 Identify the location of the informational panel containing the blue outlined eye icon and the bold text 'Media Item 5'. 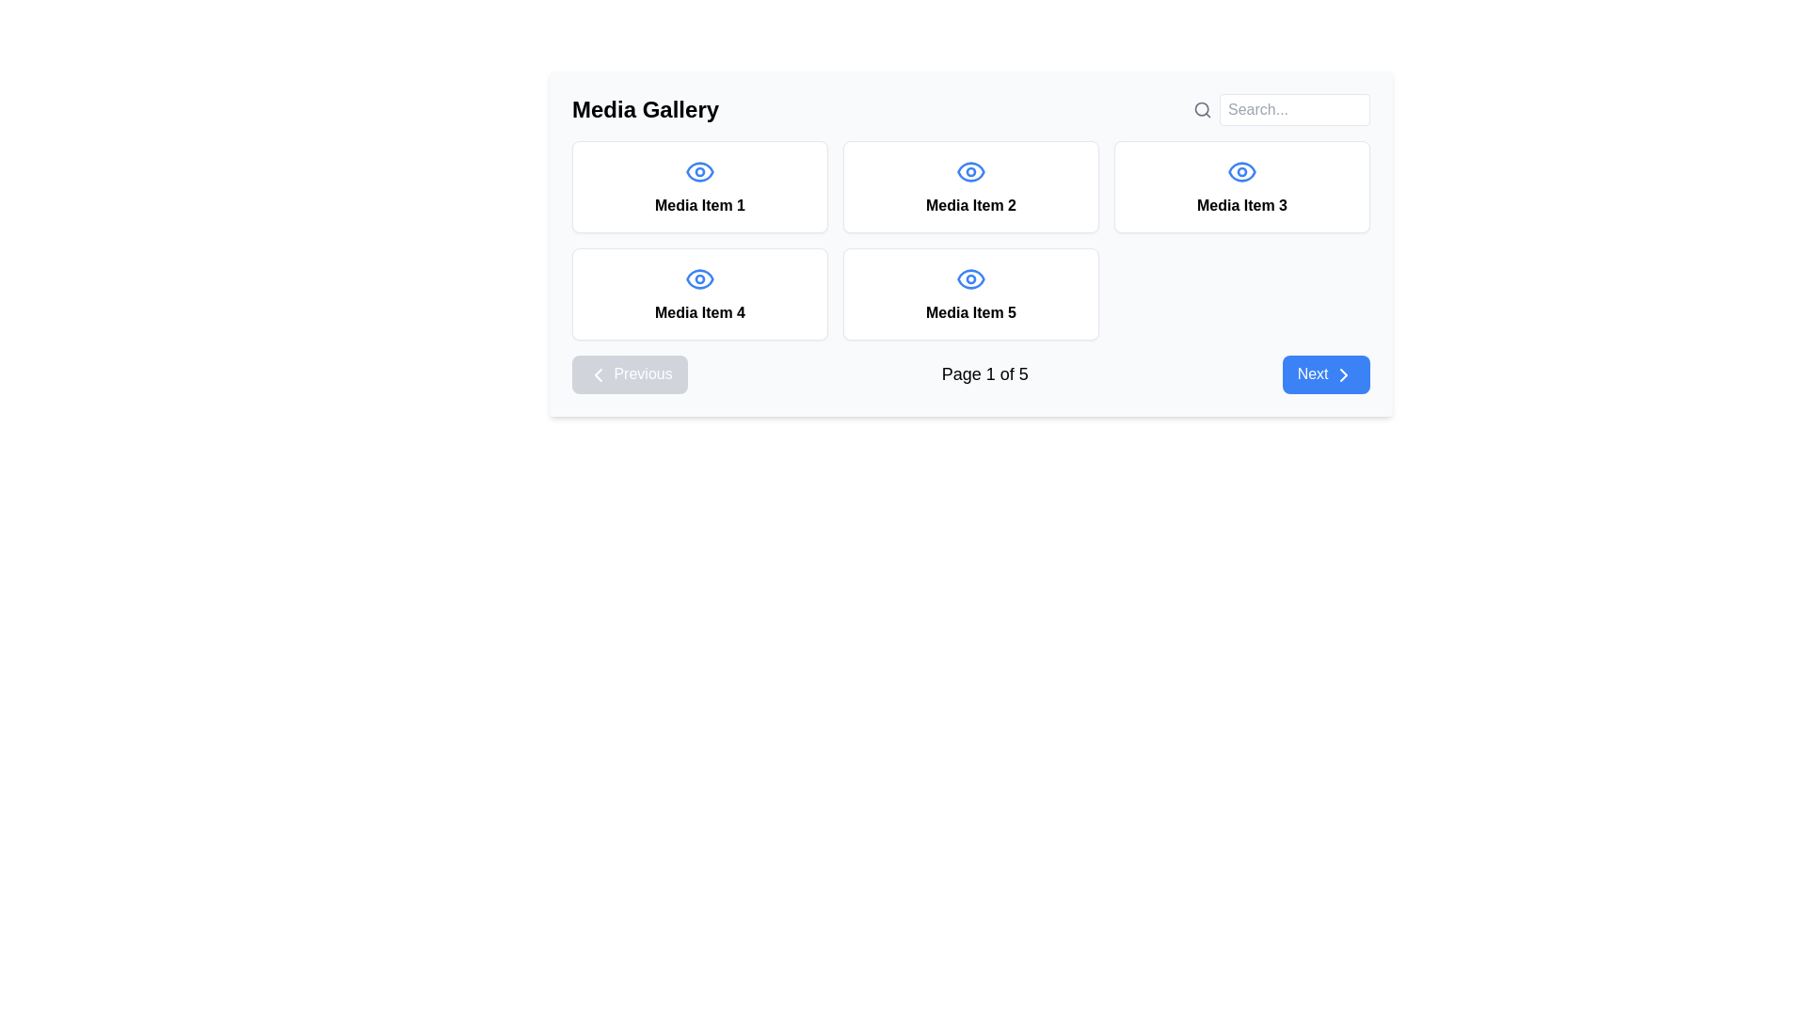
(971, 294).